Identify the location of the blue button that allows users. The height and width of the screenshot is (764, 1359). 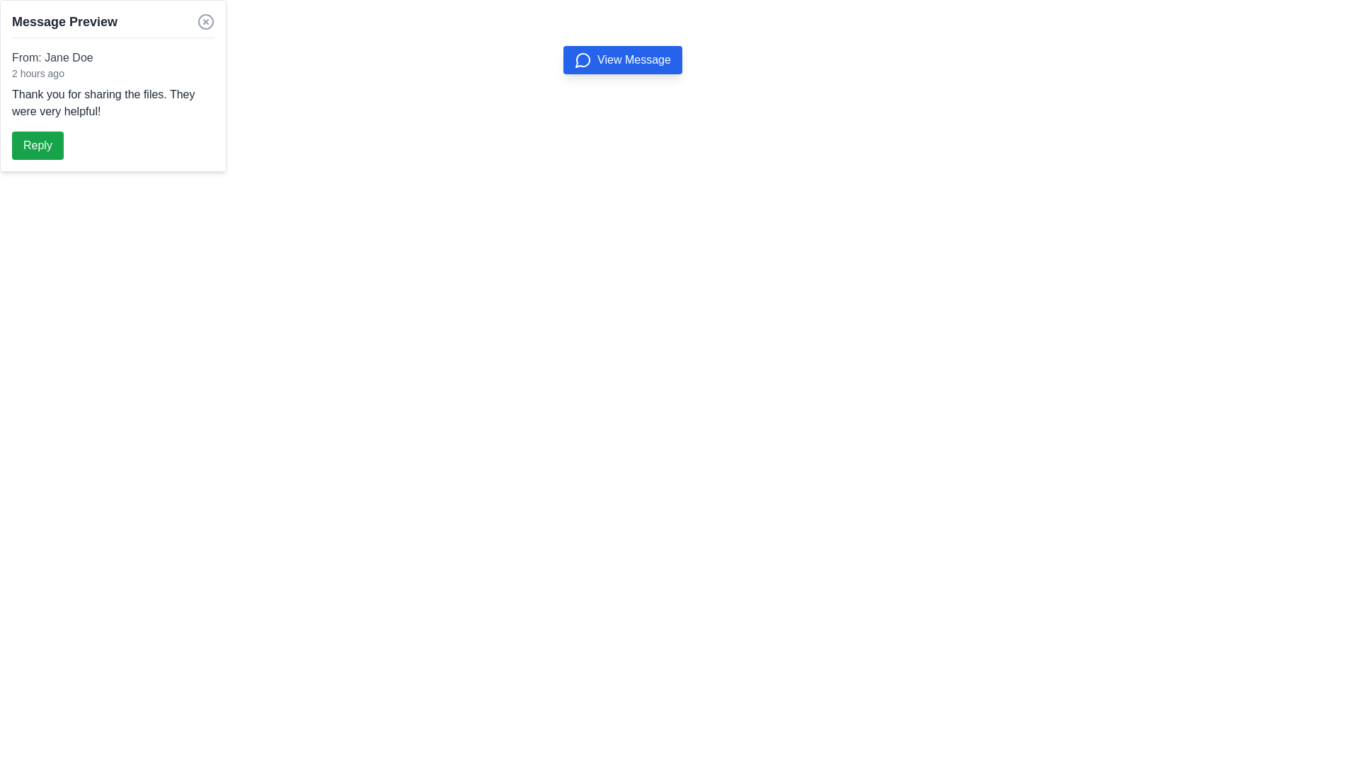
(622, 59).